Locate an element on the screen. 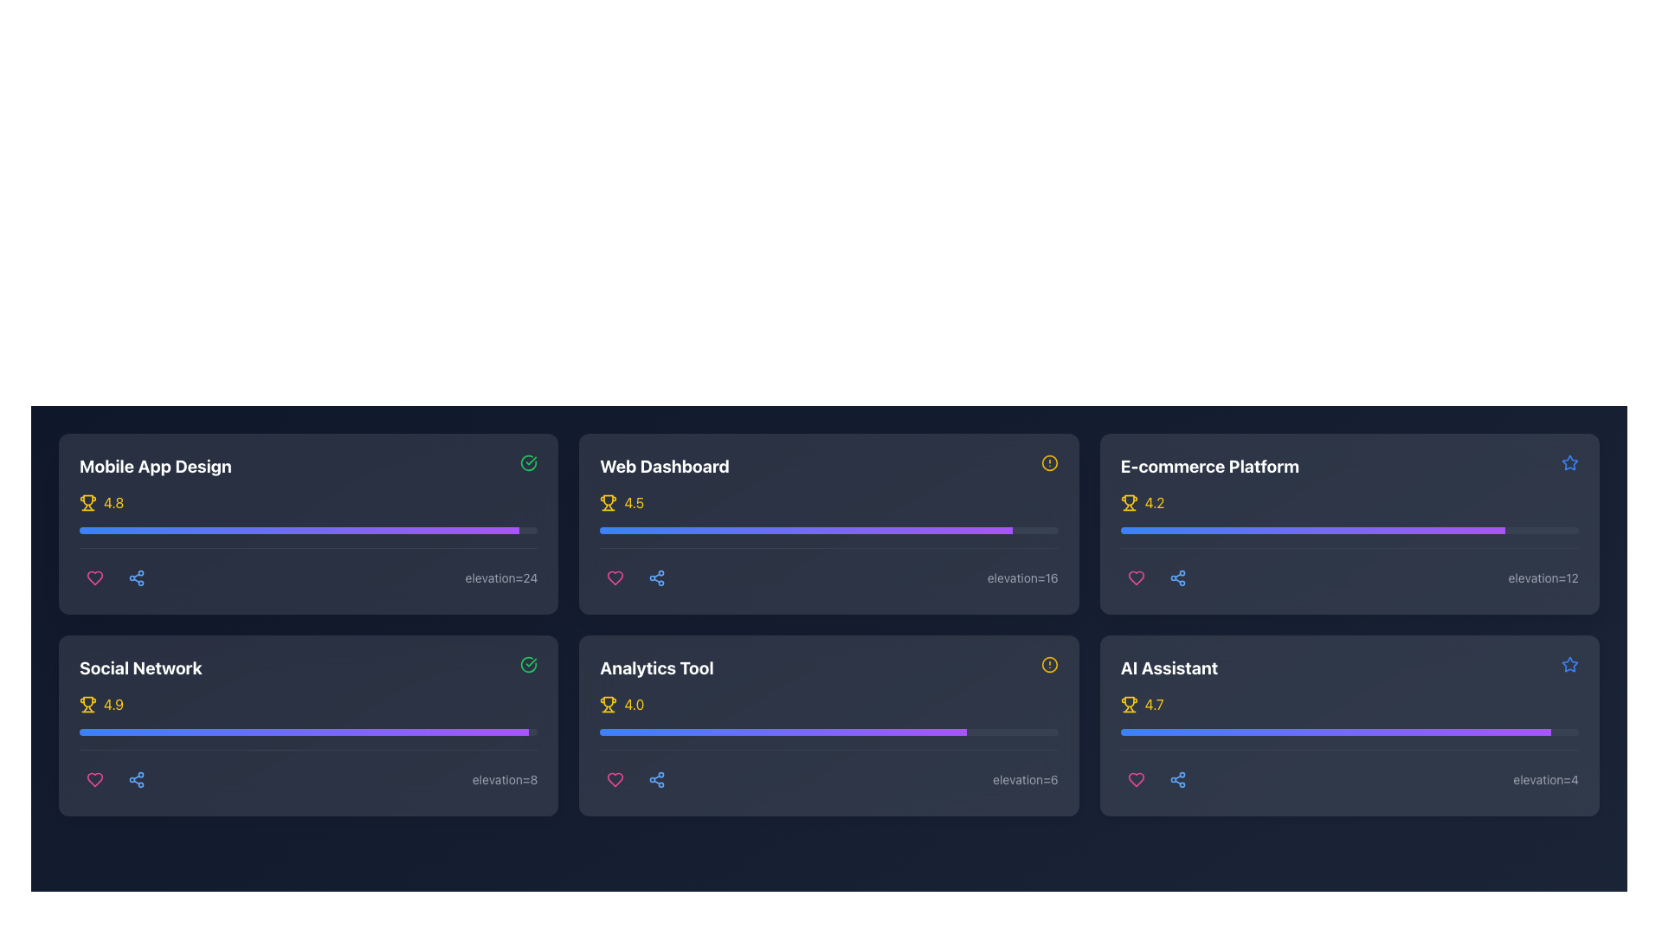 This screenshot has height=935, width=1662. the green circular arc of the check mark icon located in the top-right corner of the 'Mobile App Design' card to indicate a successful or completed state is located at coordinates (528, 663).